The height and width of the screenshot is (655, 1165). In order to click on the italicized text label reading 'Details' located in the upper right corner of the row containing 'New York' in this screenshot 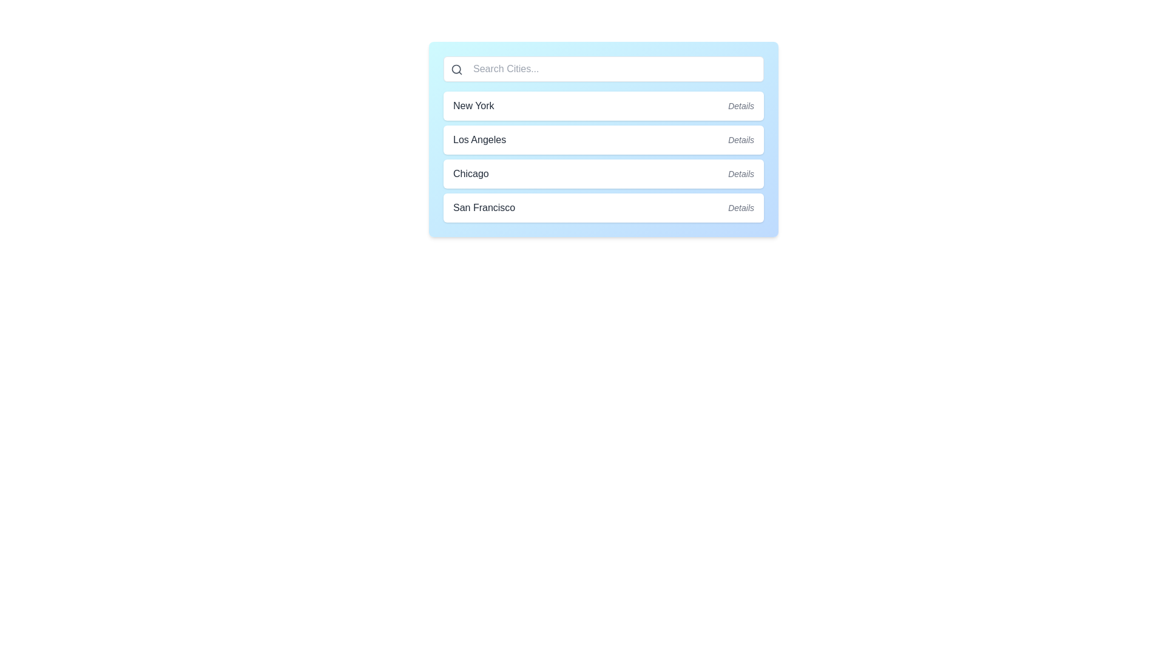, I will do `click(740, 105)`.